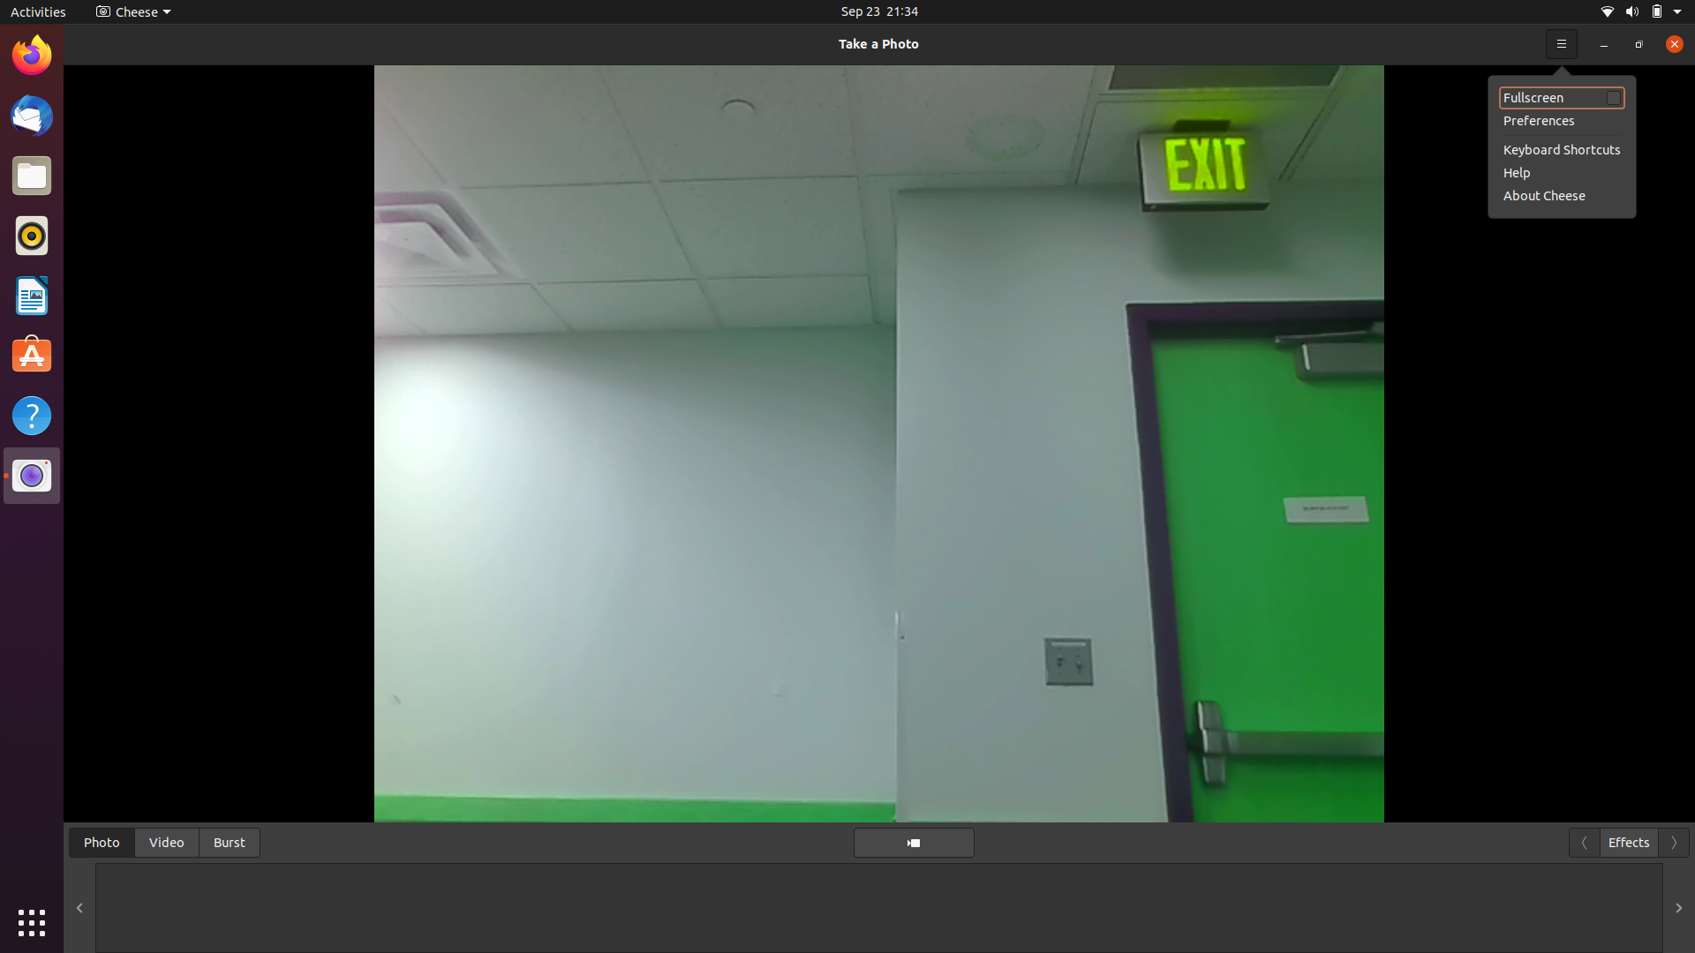  What do you see at coordinates (1638, 43) in the screenshot?
I see `Maximize the screen` at bounding box center [1638, 43].